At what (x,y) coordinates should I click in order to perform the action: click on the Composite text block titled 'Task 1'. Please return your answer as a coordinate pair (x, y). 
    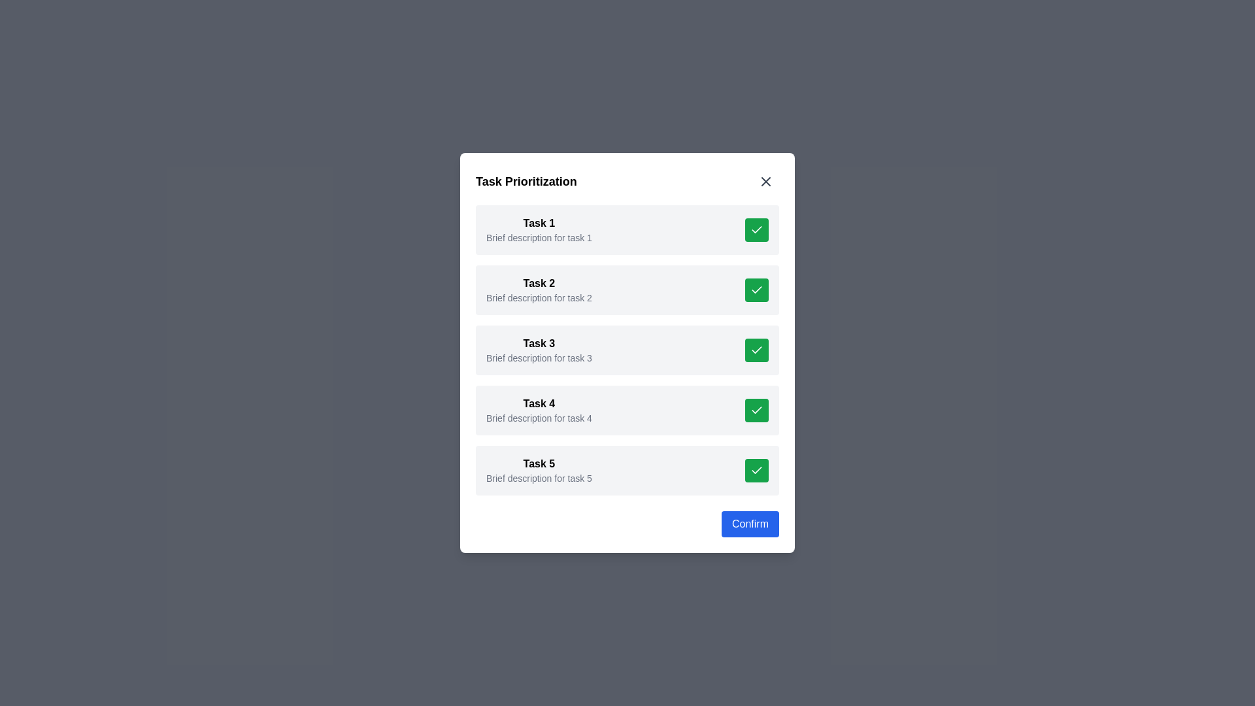
    Looking at the image, I should click on (539, 229).